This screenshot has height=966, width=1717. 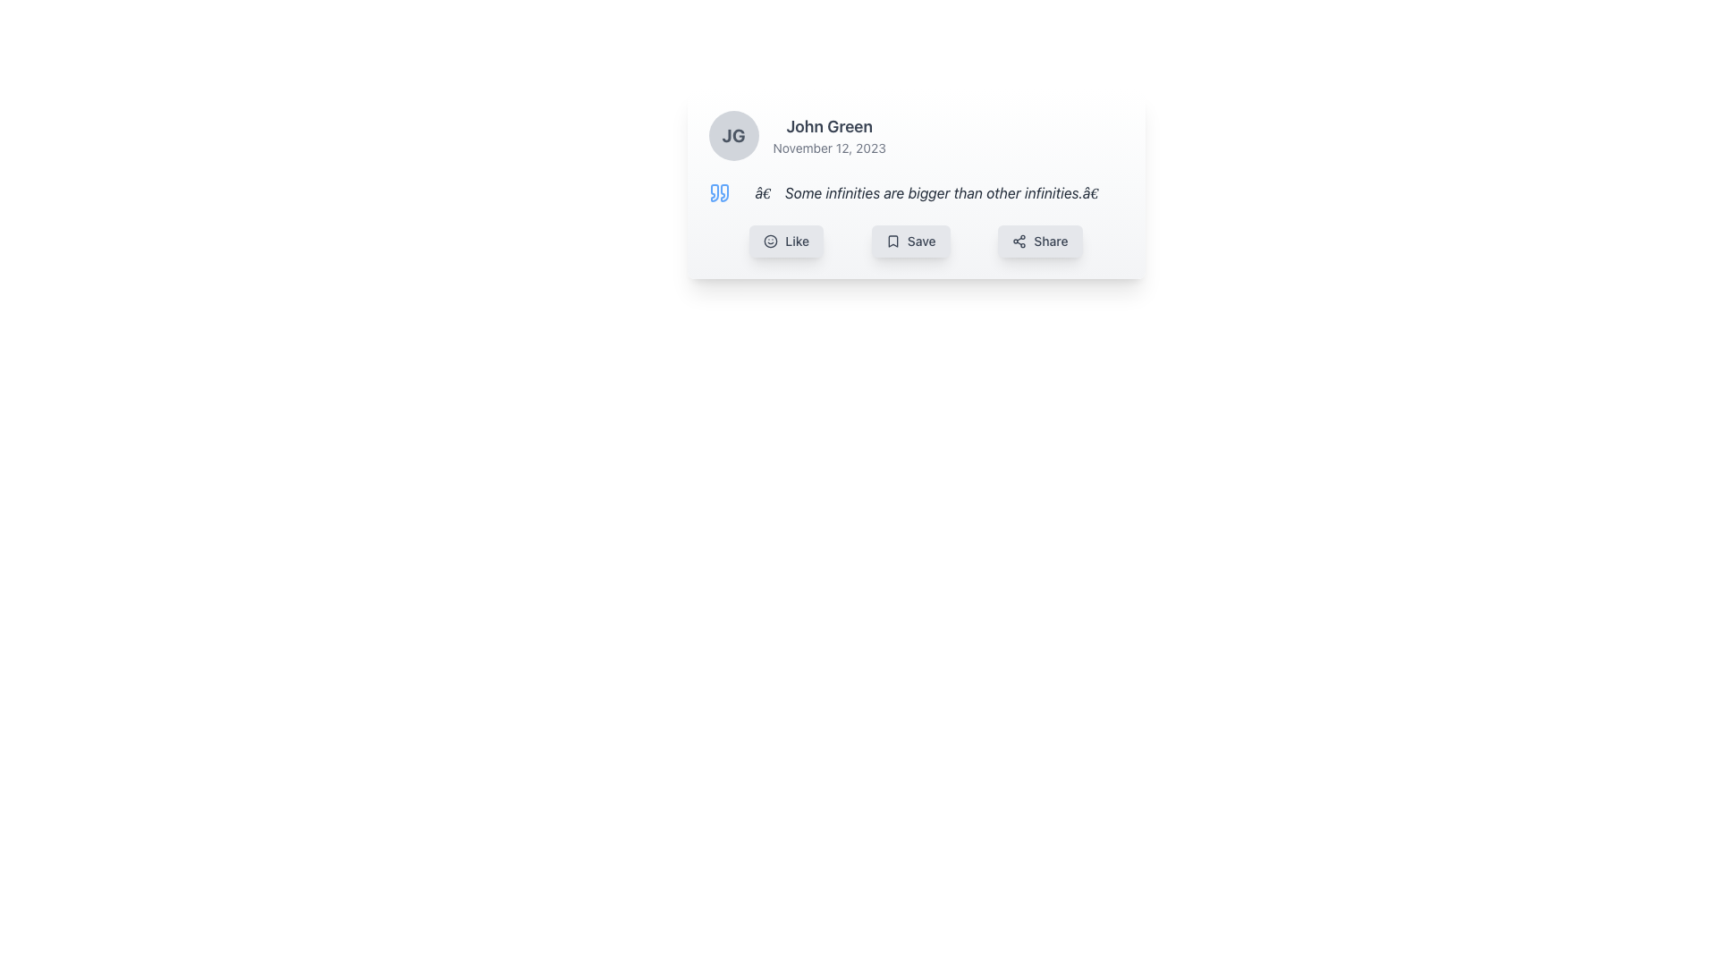 I want to click on the text block containing an inspiring quote attributed to the author, located below the 'John Green' header and above the 'Like', 'Save', and 'Share' buttons, so click(x=916, y=193).